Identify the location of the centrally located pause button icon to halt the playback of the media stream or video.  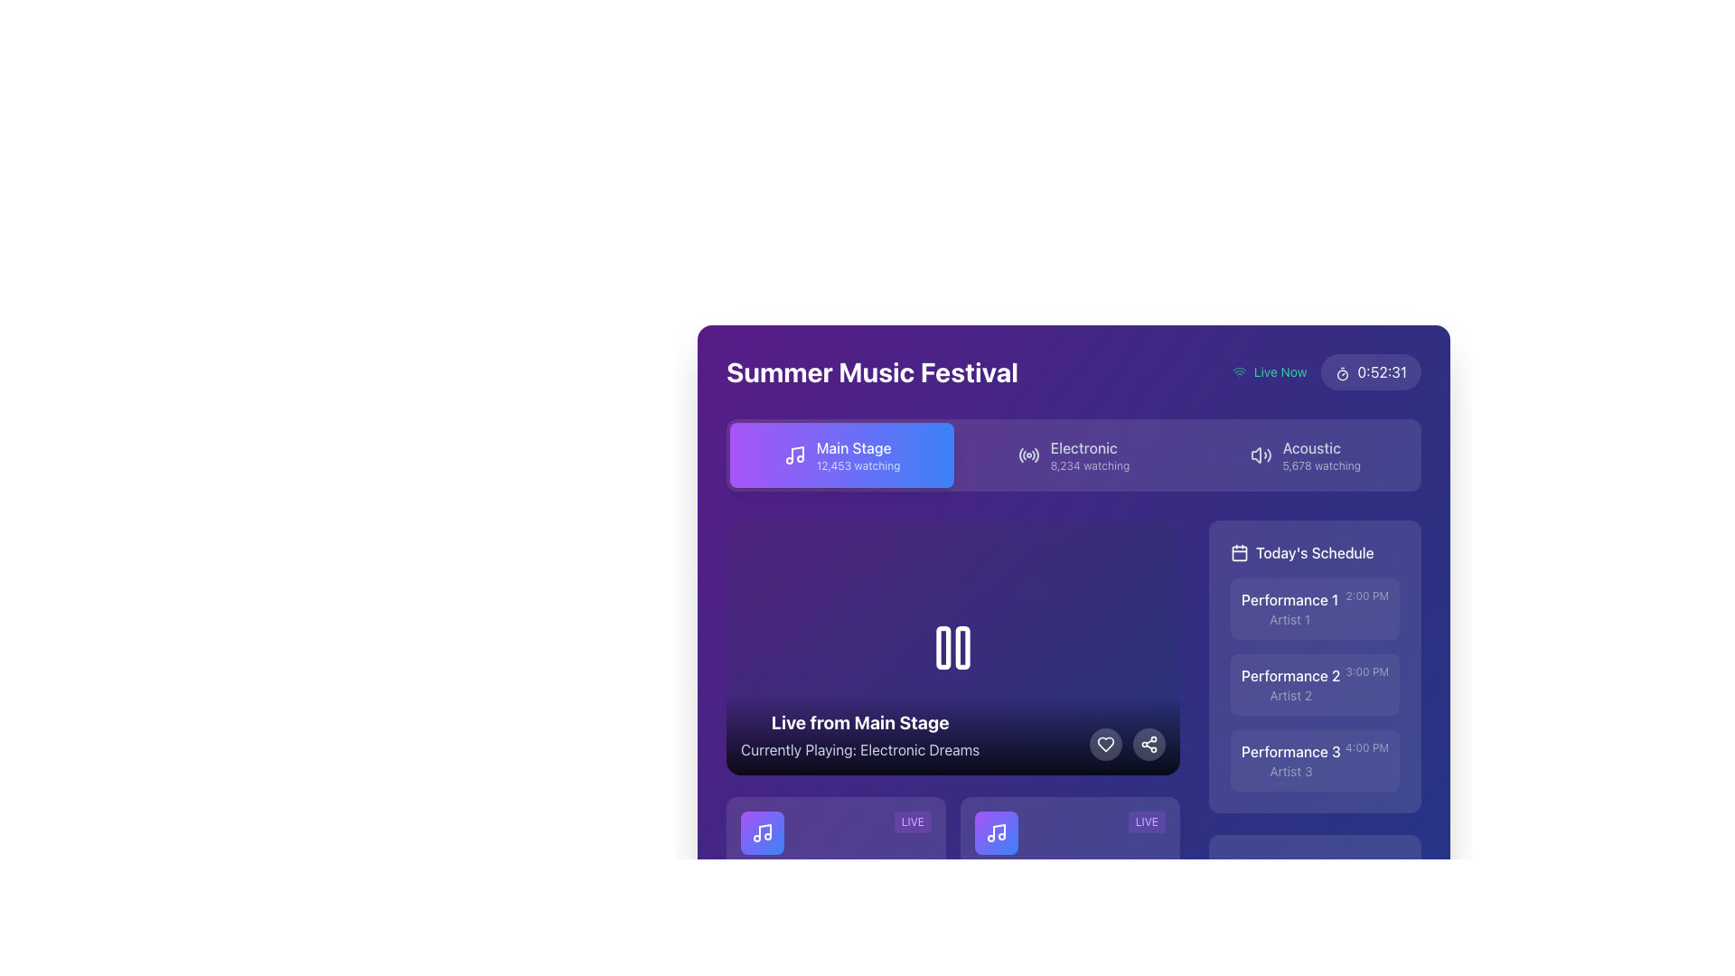
(952, 647).